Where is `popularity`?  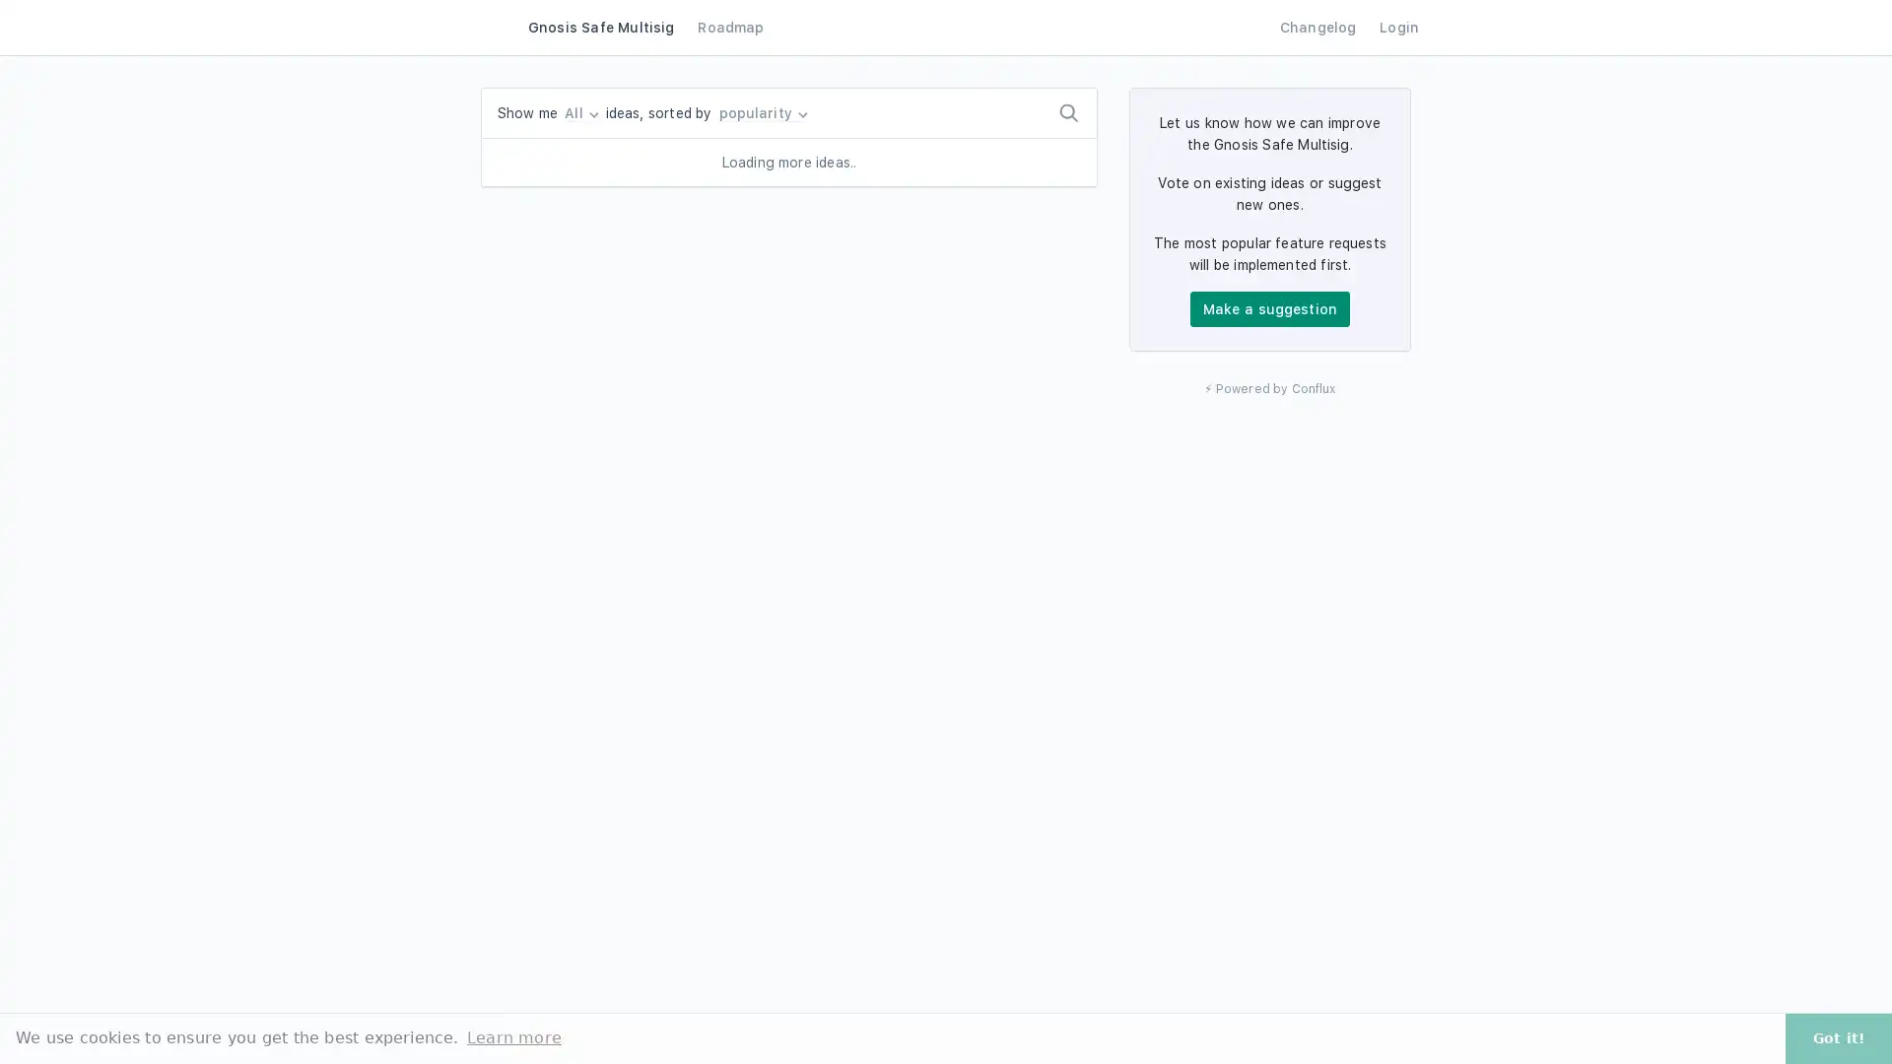
popularity is located at coordinates (761, 113).